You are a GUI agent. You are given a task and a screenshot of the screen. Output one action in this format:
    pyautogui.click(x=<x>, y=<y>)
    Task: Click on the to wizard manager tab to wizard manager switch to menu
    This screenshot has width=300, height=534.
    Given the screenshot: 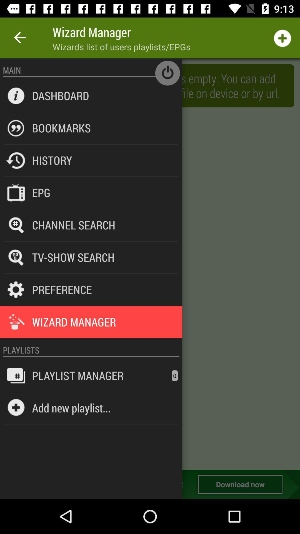 What is the action you would take?
    pyautogui.click(x=150, y=264)
    